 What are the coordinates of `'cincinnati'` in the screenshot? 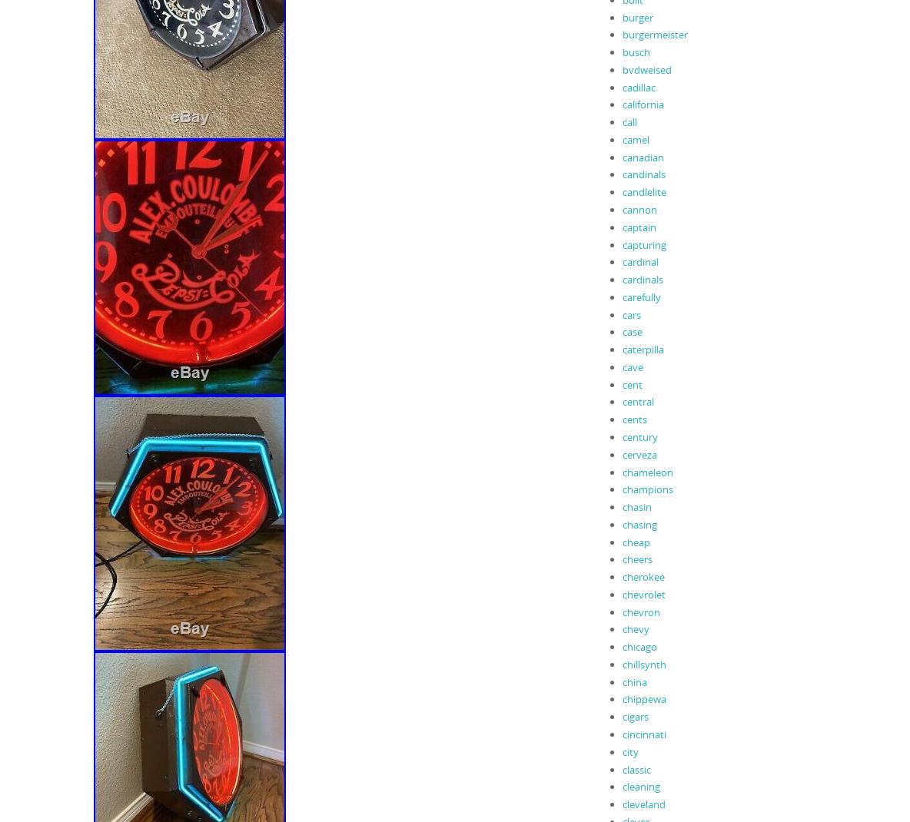 It's located at (643, 732).